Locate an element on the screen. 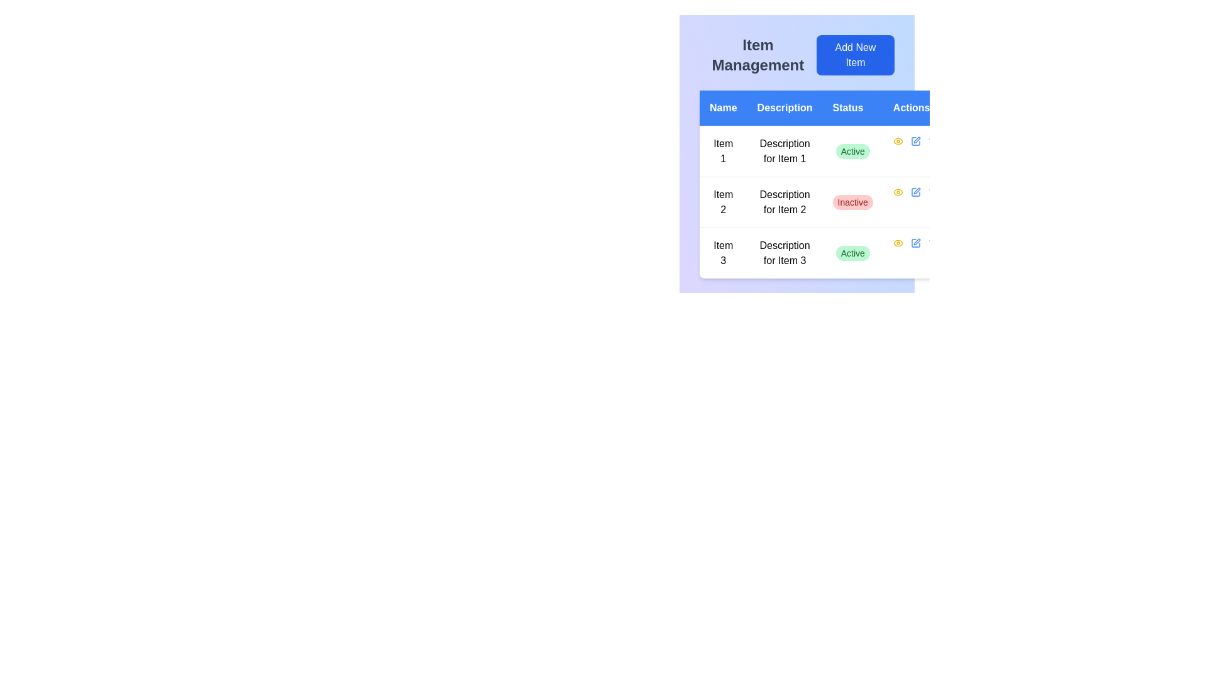 Image resolution: width=1207 pixels, height=679 pixels. the 'edit' button for 'Item 2' in the Actions column is located at coordinates (915, 192).